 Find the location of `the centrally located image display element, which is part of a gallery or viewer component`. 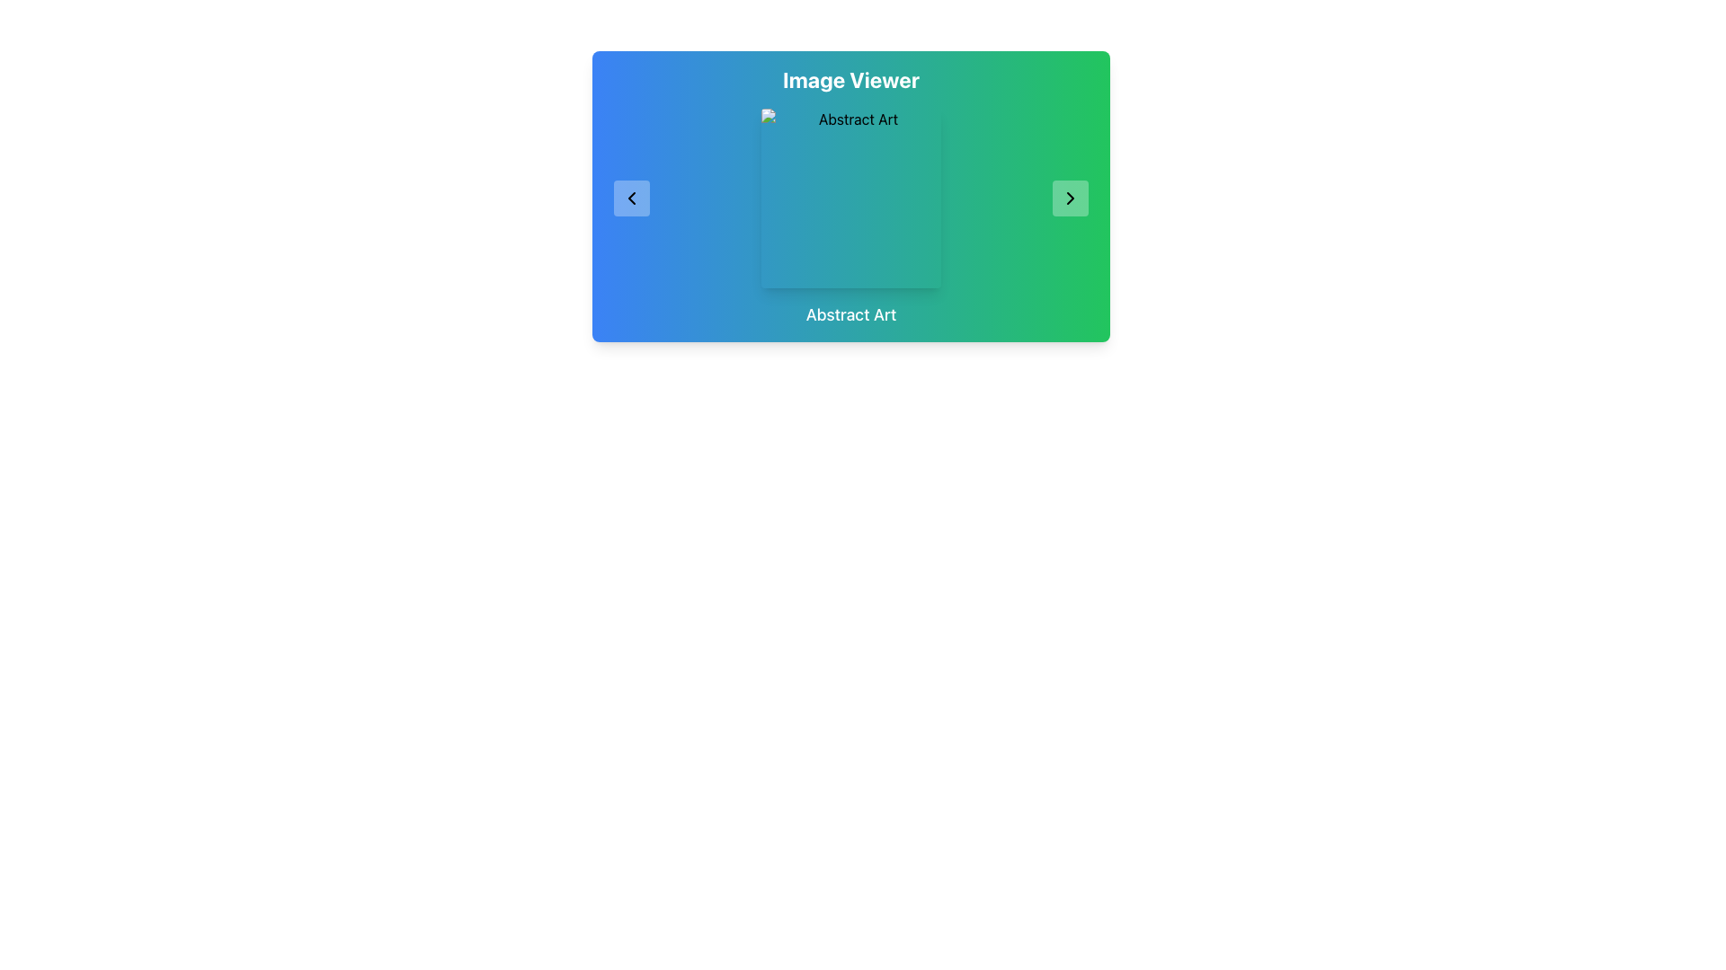

the centrally located image display element, which is part of a gallery or viewer component is located at coordinates (850, 198).